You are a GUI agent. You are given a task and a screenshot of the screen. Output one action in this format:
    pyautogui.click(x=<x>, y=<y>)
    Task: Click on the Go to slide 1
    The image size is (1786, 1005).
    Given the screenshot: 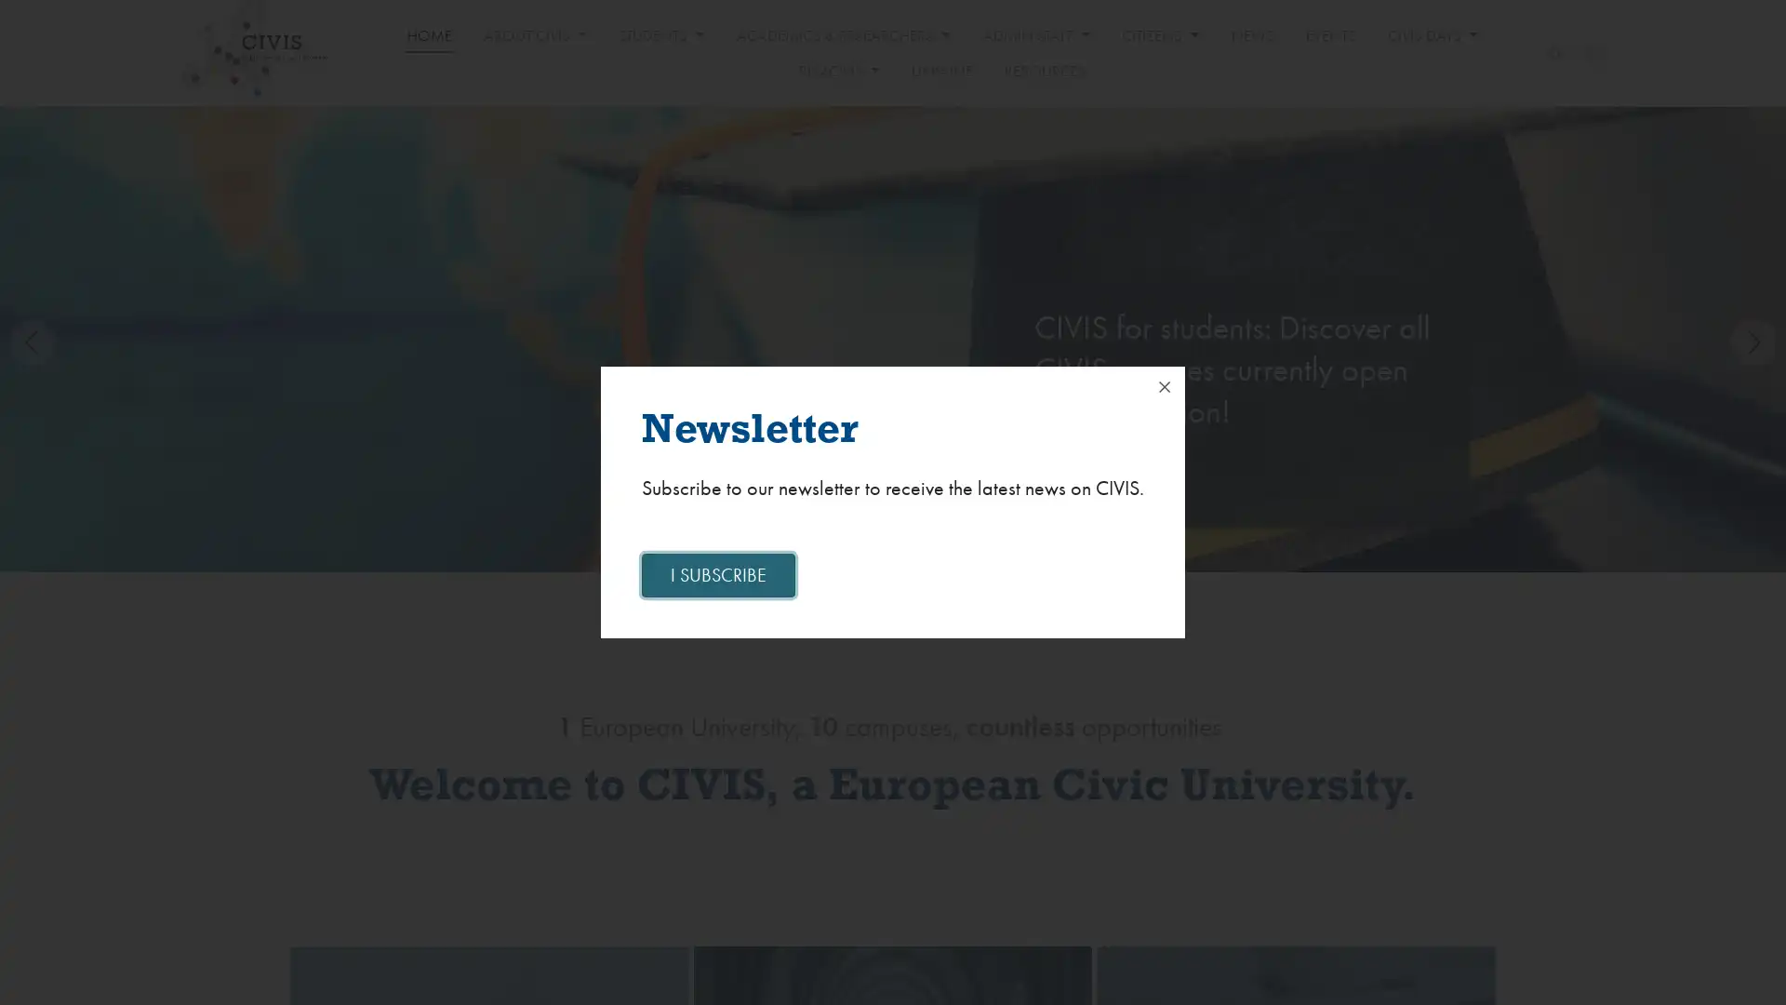 What is the action you would take?
    pyautogui.click(x=847, y=591)
    